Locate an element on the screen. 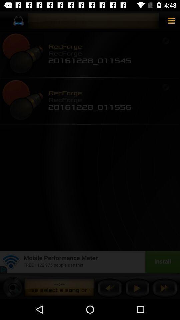  previous button is located at coordinates (110, 288).